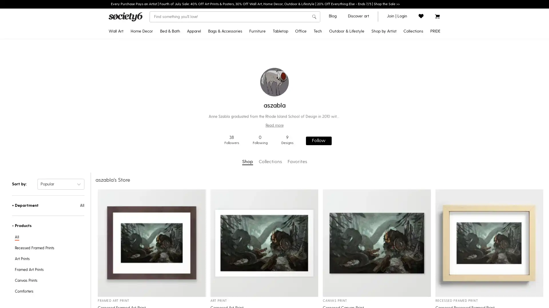 This screenshot has width=549, height=308. Describe the element at coordinates (152, 110) in the screenshot. I see `Wall Clocks` at that location.